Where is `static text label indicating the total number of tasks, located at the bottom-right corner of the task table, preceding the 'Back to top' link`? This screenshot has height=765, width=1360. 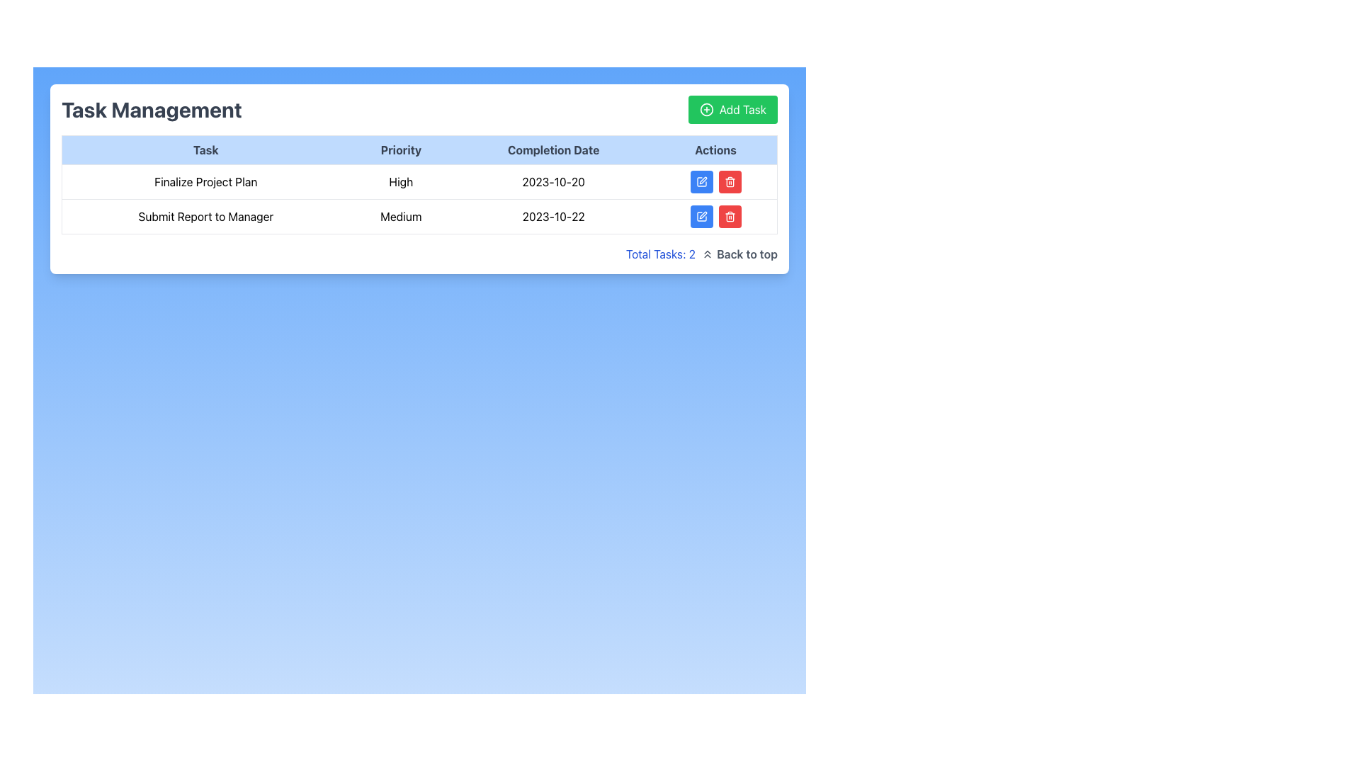 static text label indicating the total number of tasks, located at the bottom-right corner of the task table, preceding the 'Back to top' link is located at coordinates (659, 253).